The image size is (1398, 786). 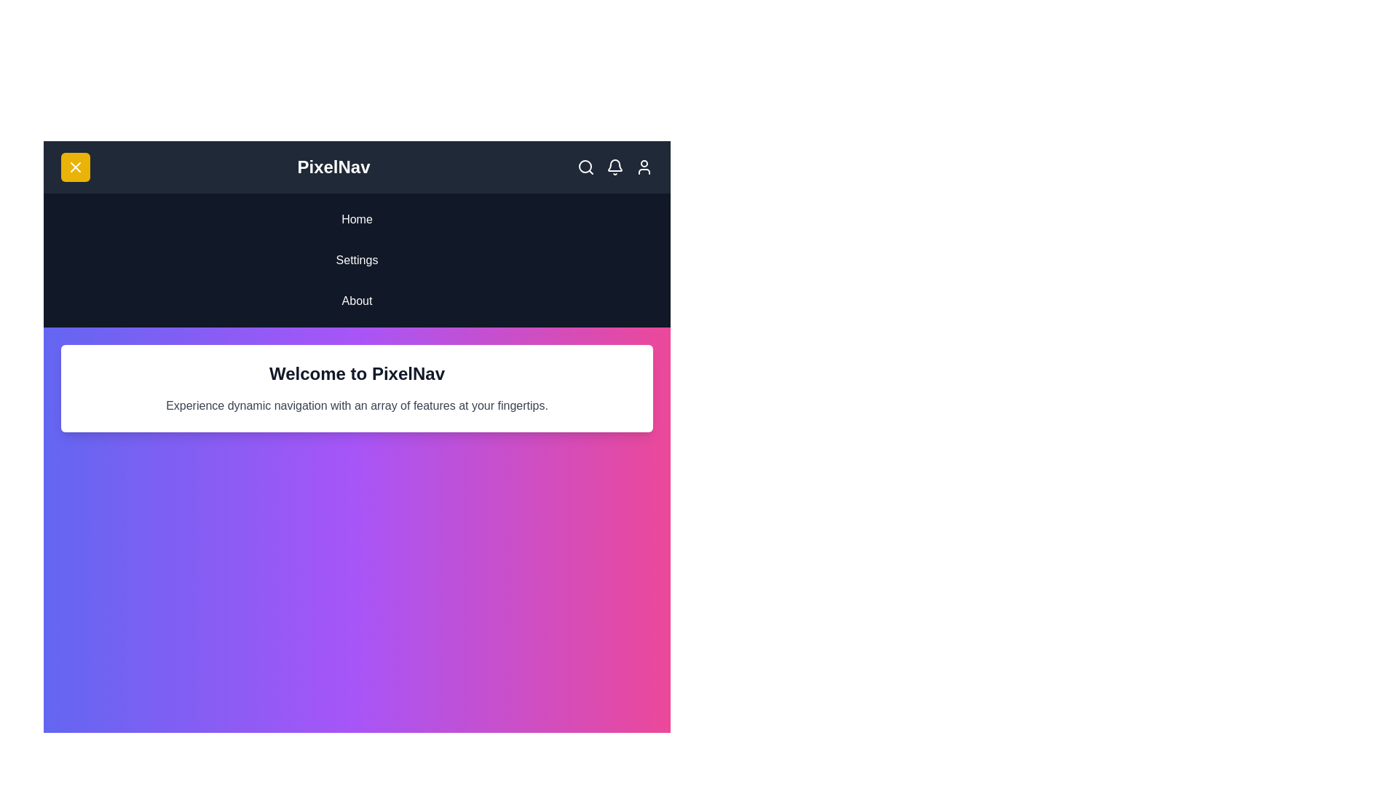 What do you see at coordinates (357, 219) in the screenshot?
I see `the 'Home' menu item` at bounding box center [357, 219].